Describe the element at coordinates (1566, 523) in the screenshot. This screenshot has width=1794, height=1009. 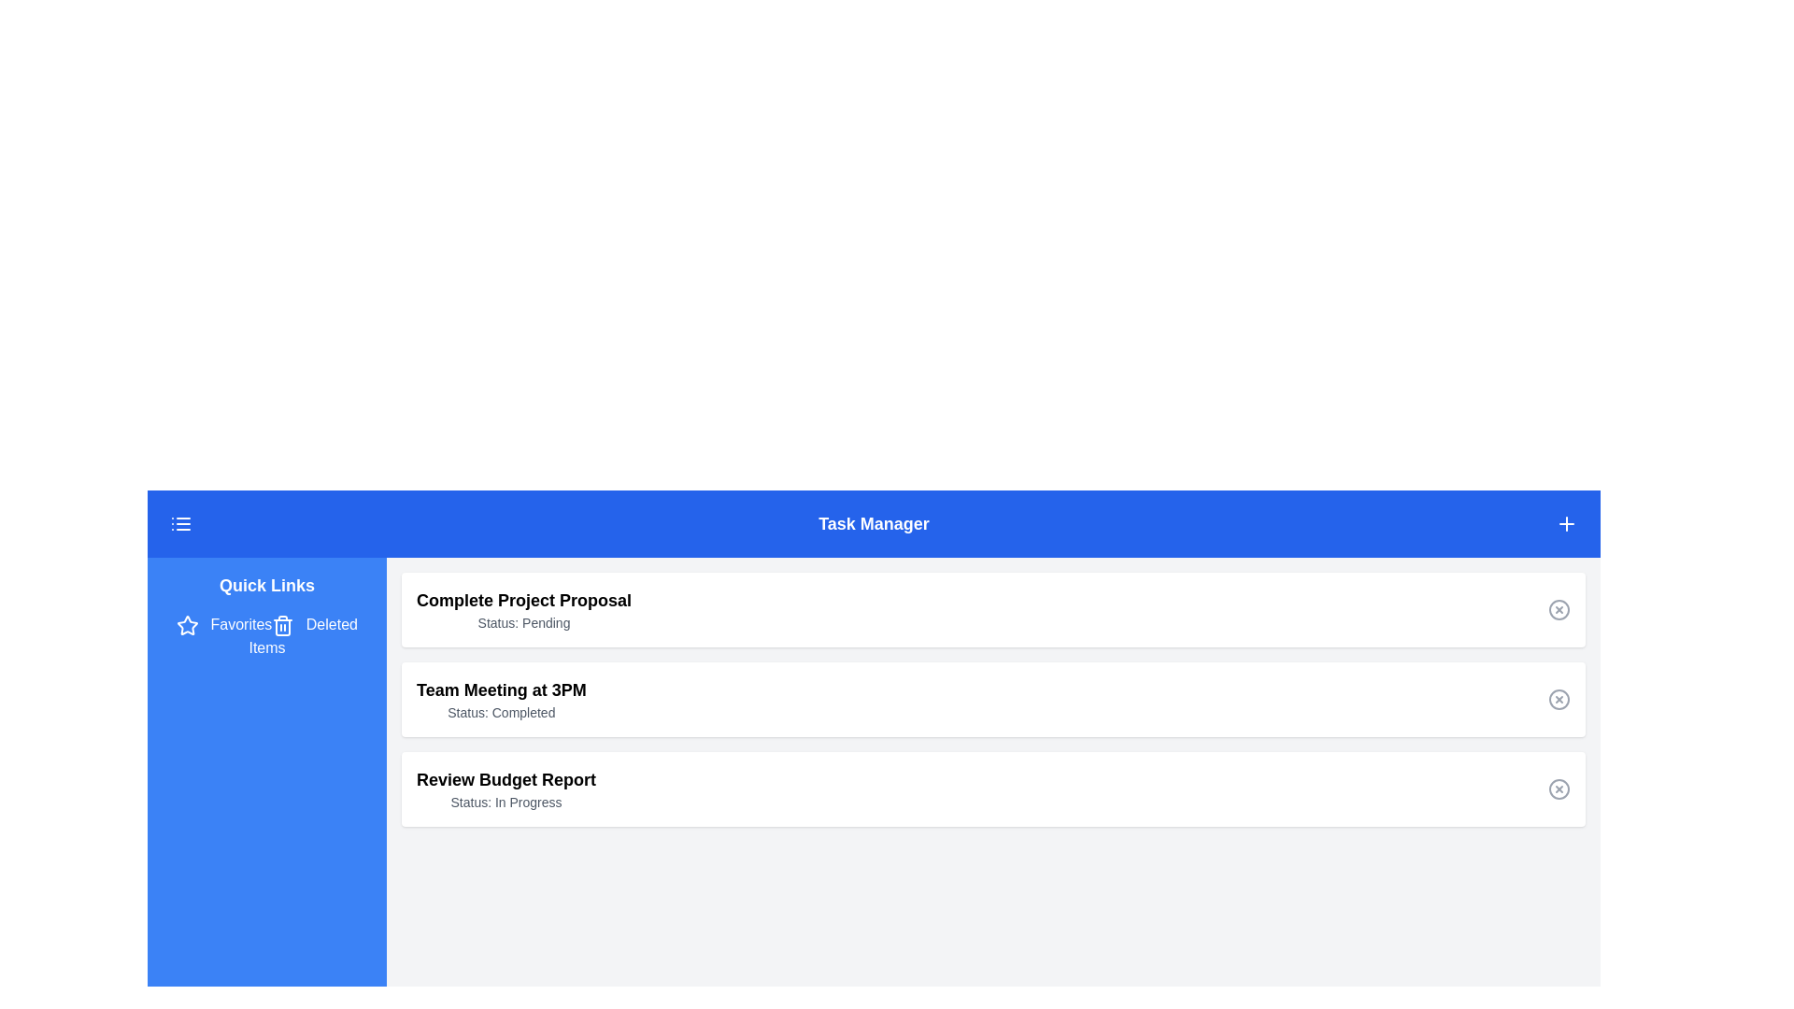
I see `the button located in the top-right corner of the blue bar labeled 'Task Manager'` at that location.